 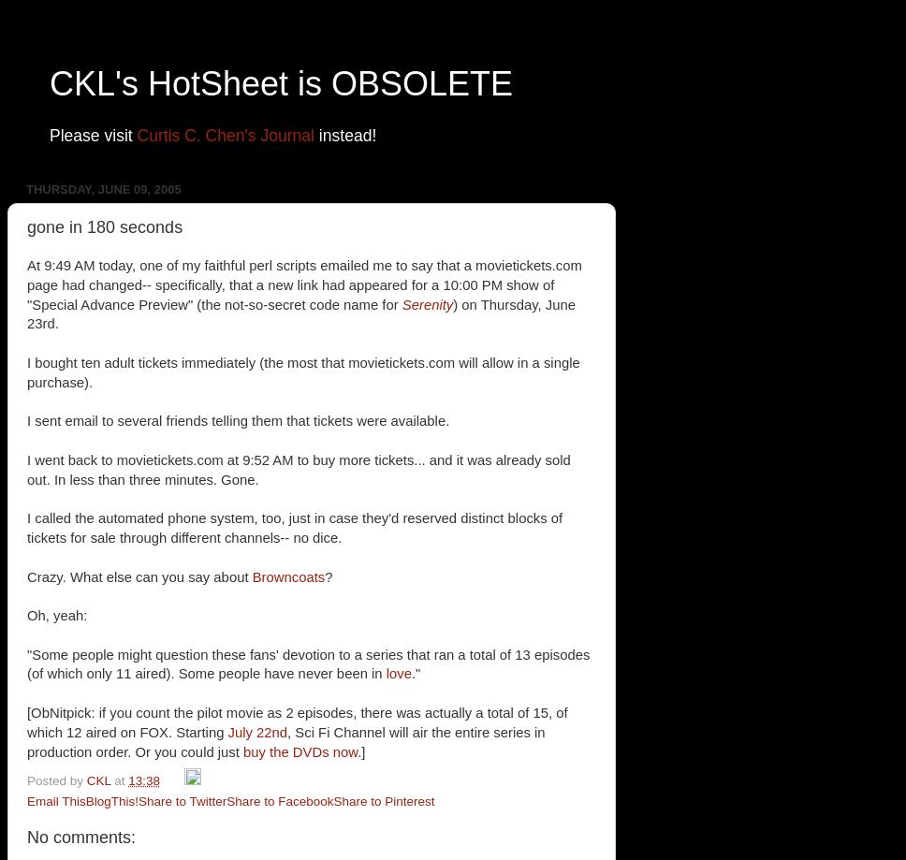 I want to click on 'Thursday, June 09, 2005', so click(x=103, y=189).